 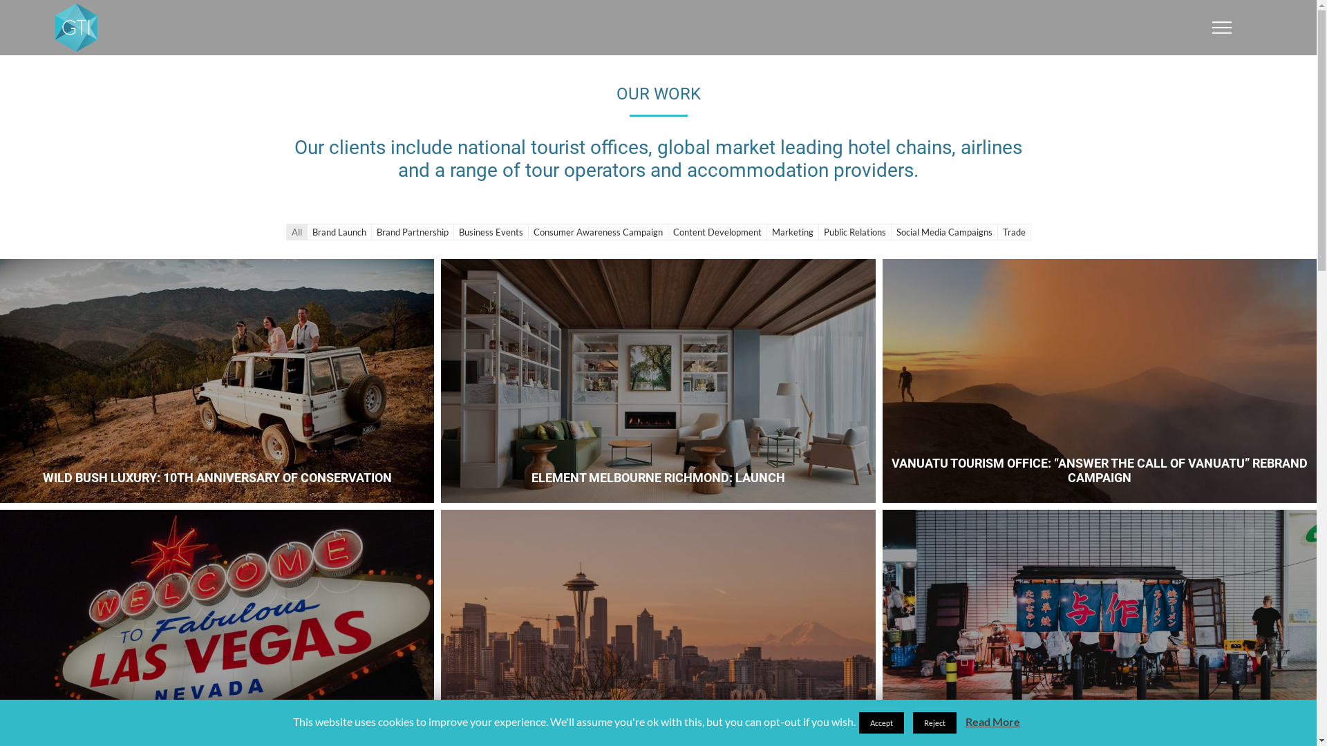 What do you see at coordinates (934, 722) in the screenshot?
I see `'Reject'` at bounding box center [934, 722].